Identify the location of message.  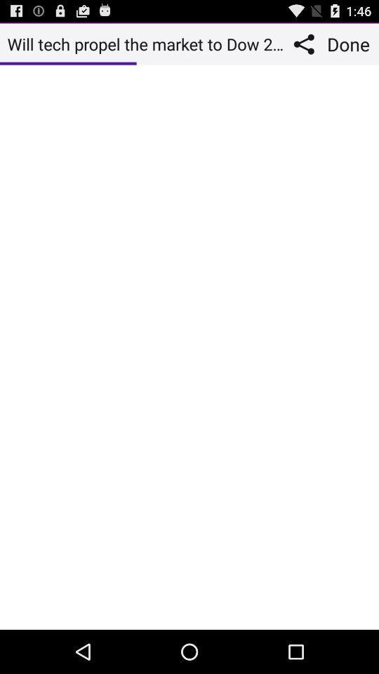
(189, 346).